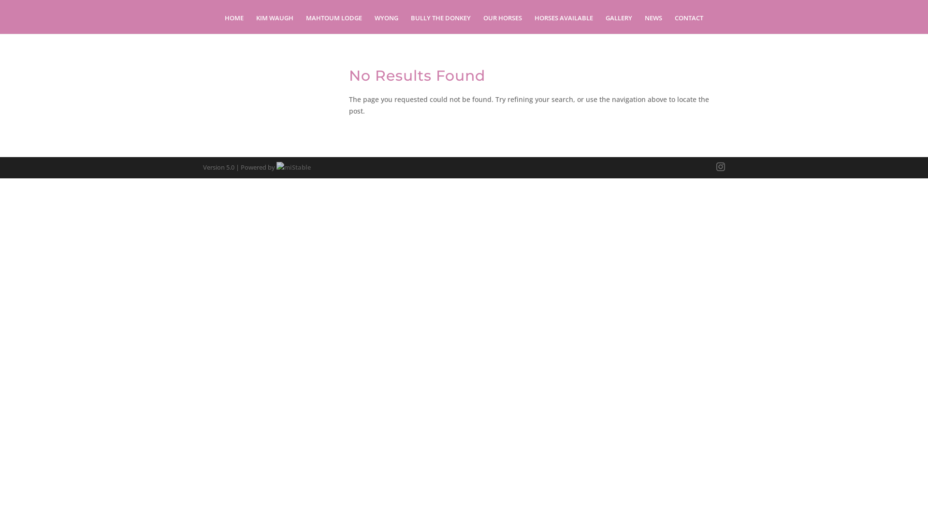 The image size is (928, 522). Describe the element at coordinates (619, 24) in the screenshot. I see `'GALLERY'` at that location.